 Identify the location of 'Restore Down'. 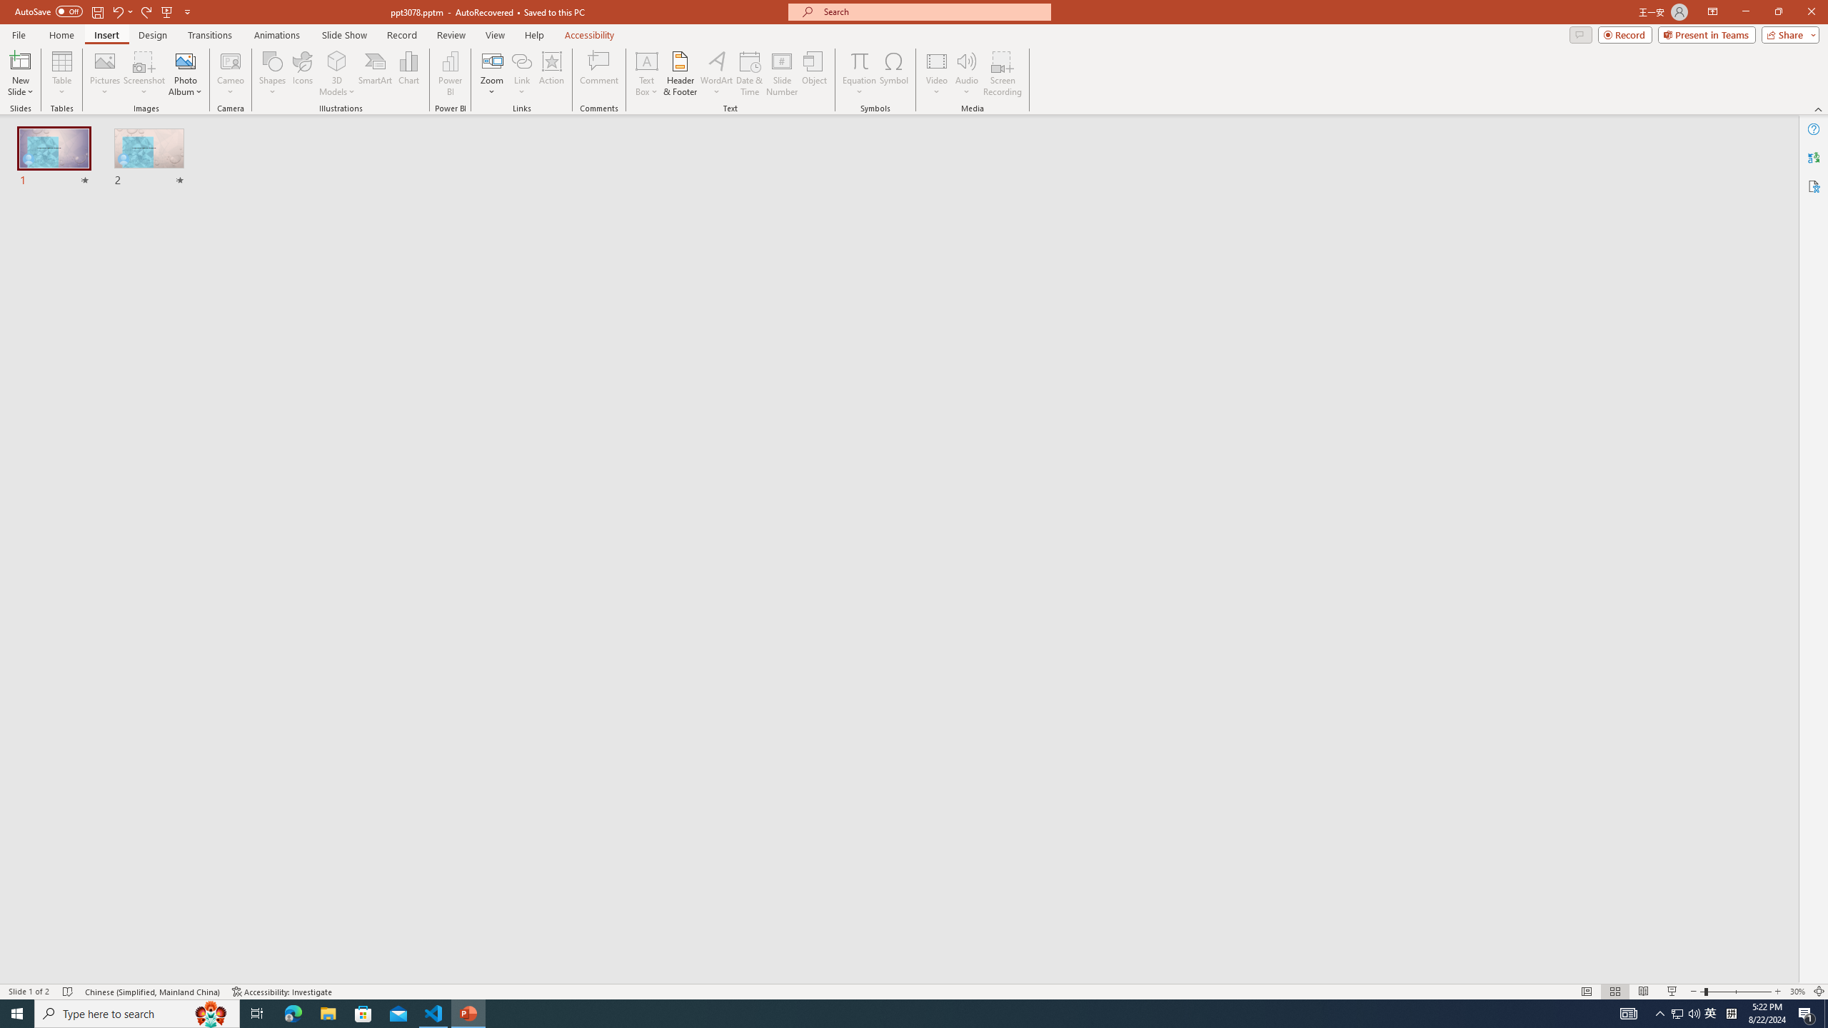
(1778, 11).